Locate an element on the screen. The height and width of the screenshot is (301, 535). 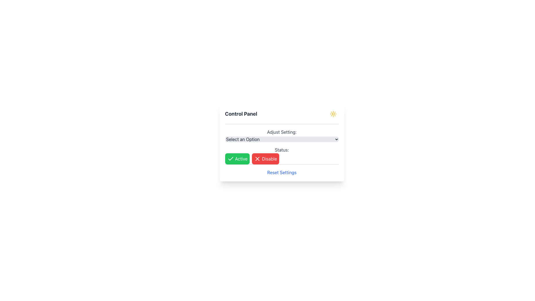
the sun icon located in the upper-right section of the Control Panel interface to change settings is located at coordinates (333, 113).